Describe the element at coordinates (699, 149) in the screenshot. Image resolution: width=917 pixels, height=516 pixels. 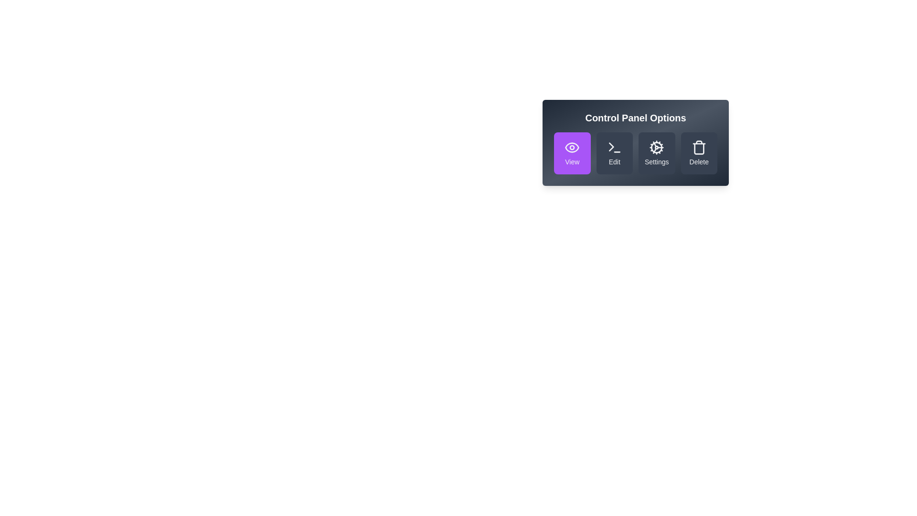
I see `the trash can icon, which signifies a delete action, located at the far right of the control panel below the text 'Delete'` at that location.